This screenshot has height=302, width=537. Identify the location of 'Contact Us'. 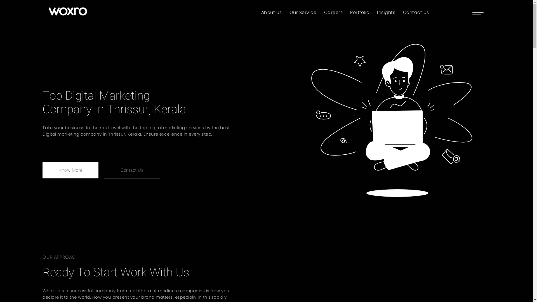
(416, 12).